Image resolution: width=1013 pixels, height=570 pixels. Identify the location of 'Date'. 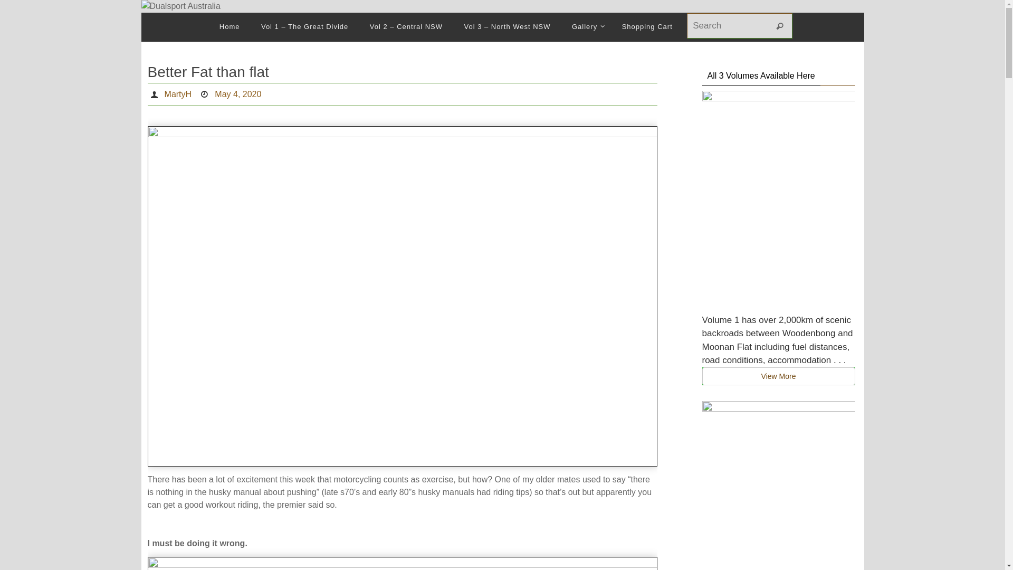
(199, 93).